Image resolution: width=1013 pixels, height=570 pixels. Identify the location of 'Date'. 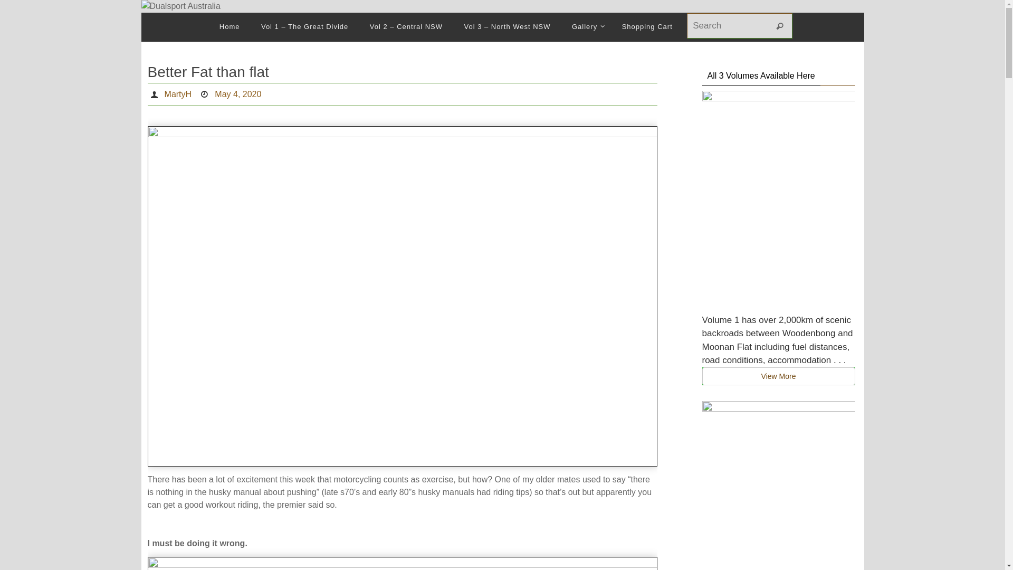
(199, 93).